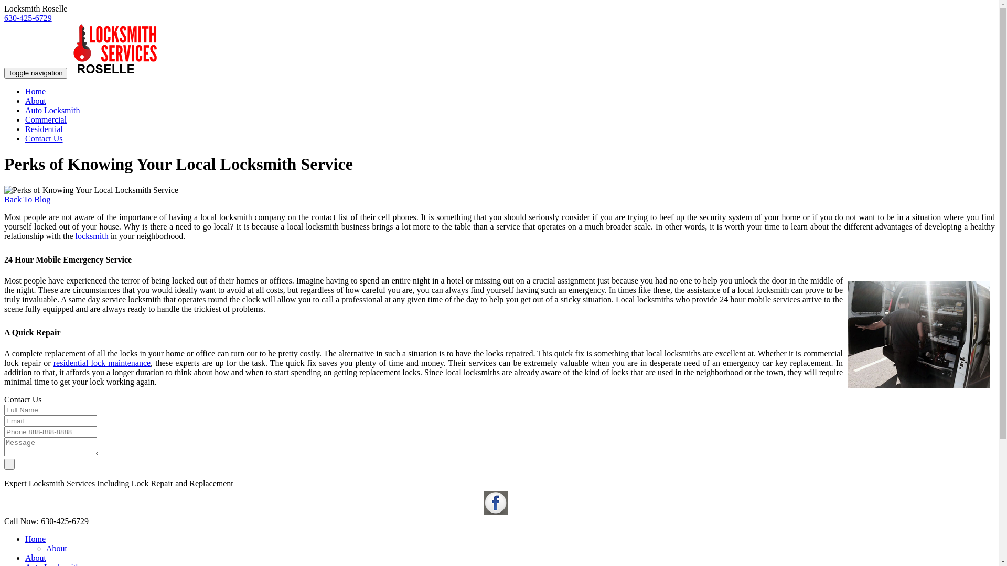  I want to click on 'Contact Us', so click(43, 138).